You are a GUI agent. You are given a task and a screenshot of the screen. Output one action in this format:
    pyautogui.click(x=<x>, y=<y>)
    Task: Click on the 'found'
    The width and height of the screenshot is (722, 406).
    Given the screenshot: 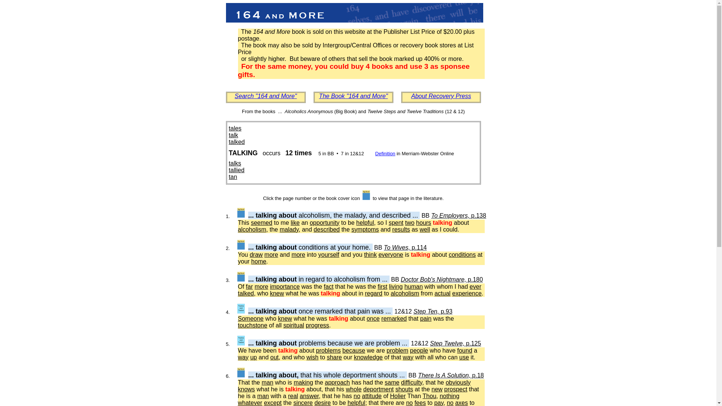 What is the action you would take?
    pyautogui.click(x=464, y=350)
    